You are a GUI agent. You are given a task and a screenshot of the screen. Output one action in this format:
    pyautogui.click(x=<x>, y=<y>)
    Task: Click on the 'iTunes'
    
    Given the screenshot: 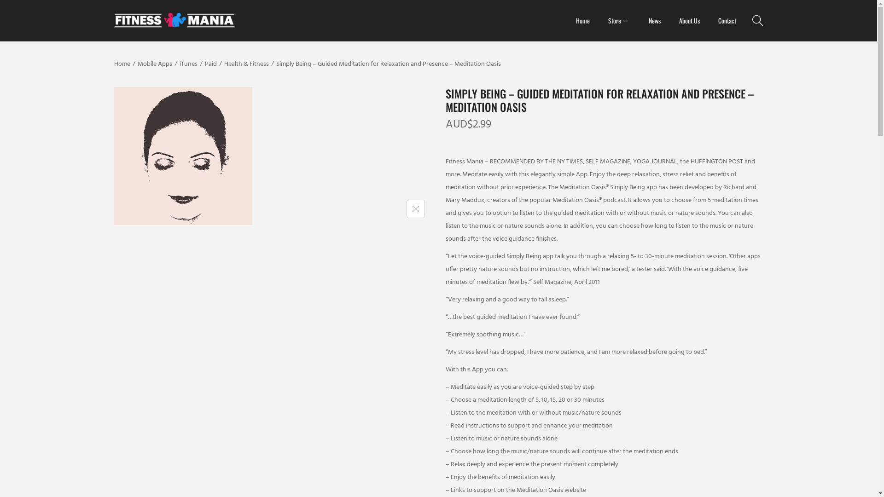 What is the action you would take?
    pyautogui.click(x=188, y=64)
    